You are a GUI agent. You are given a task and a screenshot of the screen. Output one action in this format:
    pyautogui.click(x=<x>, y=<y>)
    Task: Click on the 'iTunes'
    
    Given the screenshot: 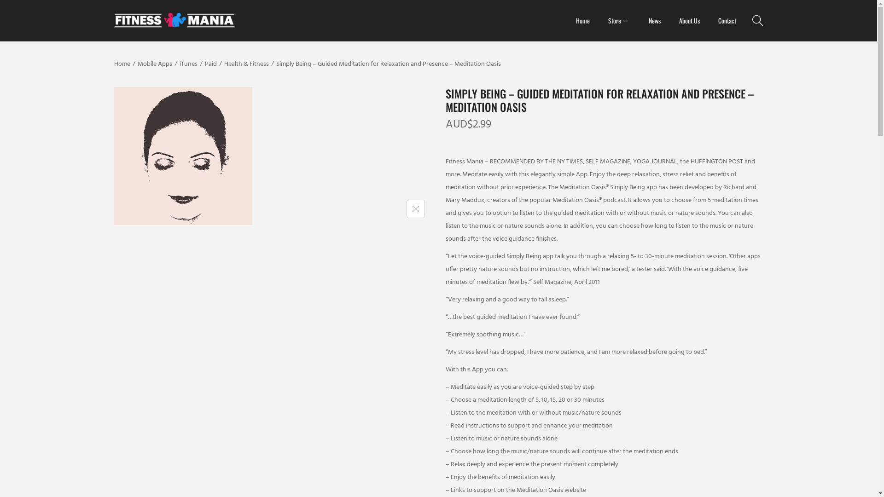 What is the action you would take?
    pyautogui.click(x=188, y=64)
    